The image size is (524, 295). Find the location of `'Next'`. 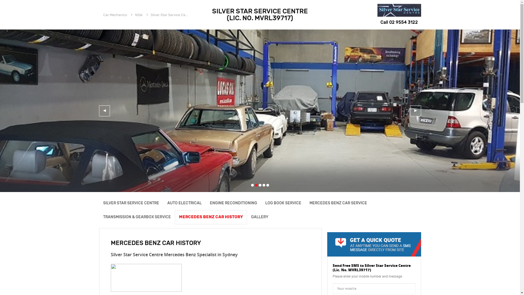

'Next' is located at coordinates (410, 111).